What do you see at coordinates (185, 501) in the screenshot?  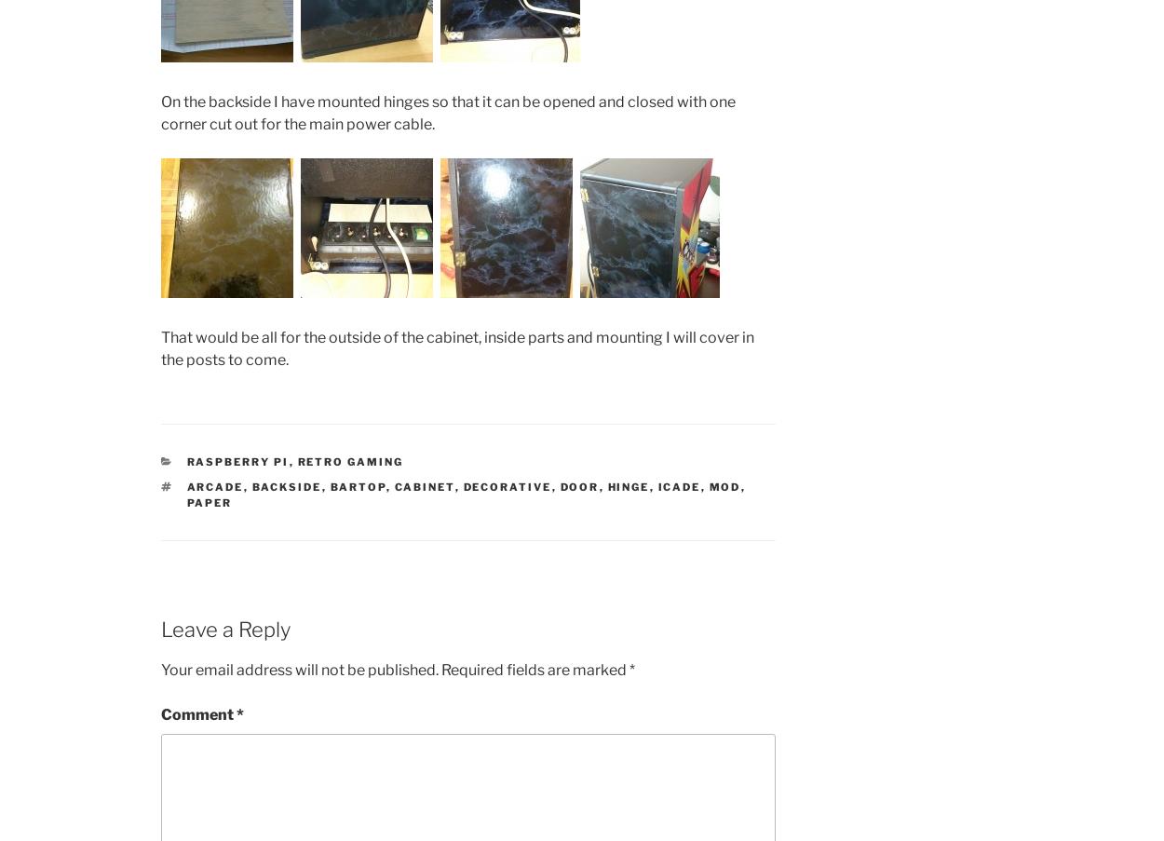 I see `'paper'` at bounding box center [185, 501].